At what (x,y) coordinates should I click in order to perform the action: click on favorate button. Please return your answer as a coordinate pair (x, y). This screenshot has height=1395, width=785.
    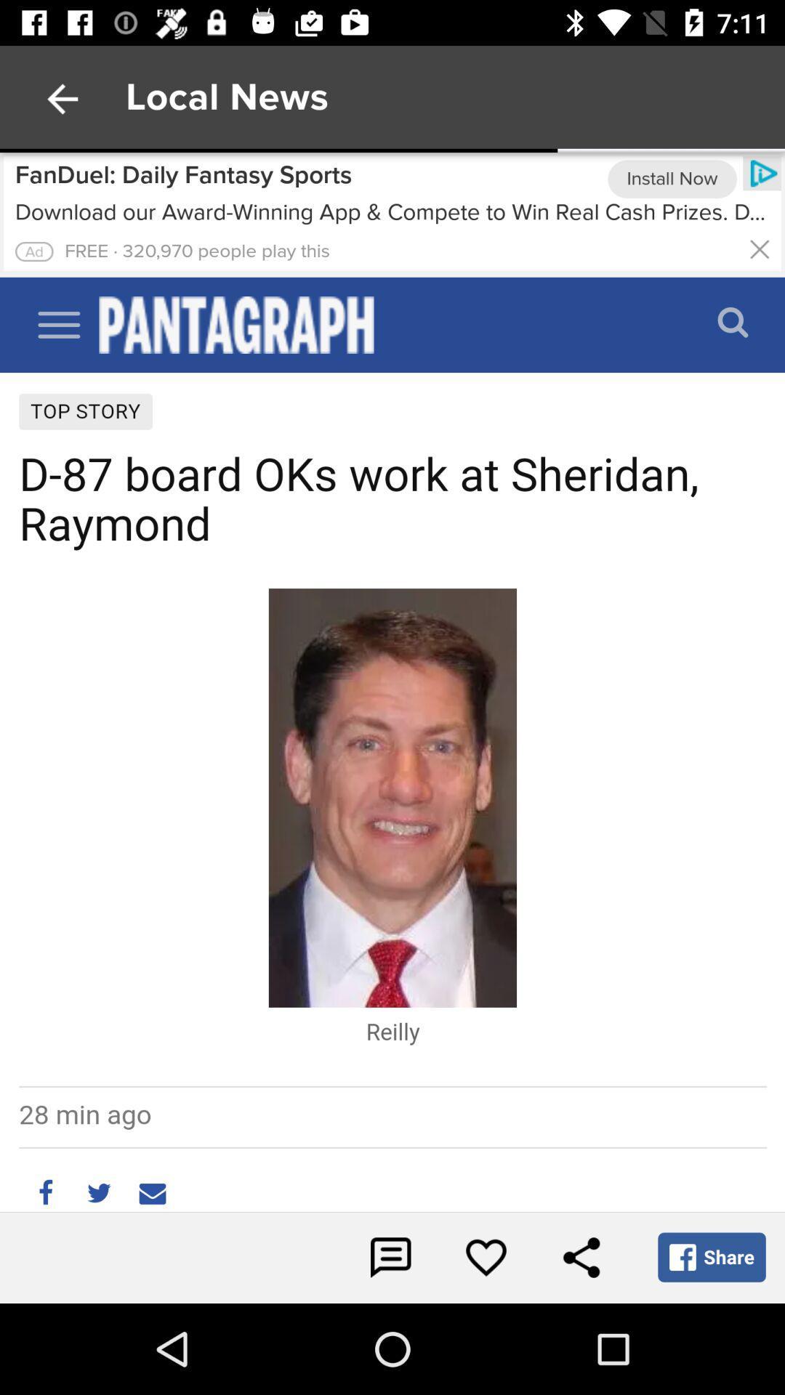
    Looking at the image, I should click on (486, 1257).